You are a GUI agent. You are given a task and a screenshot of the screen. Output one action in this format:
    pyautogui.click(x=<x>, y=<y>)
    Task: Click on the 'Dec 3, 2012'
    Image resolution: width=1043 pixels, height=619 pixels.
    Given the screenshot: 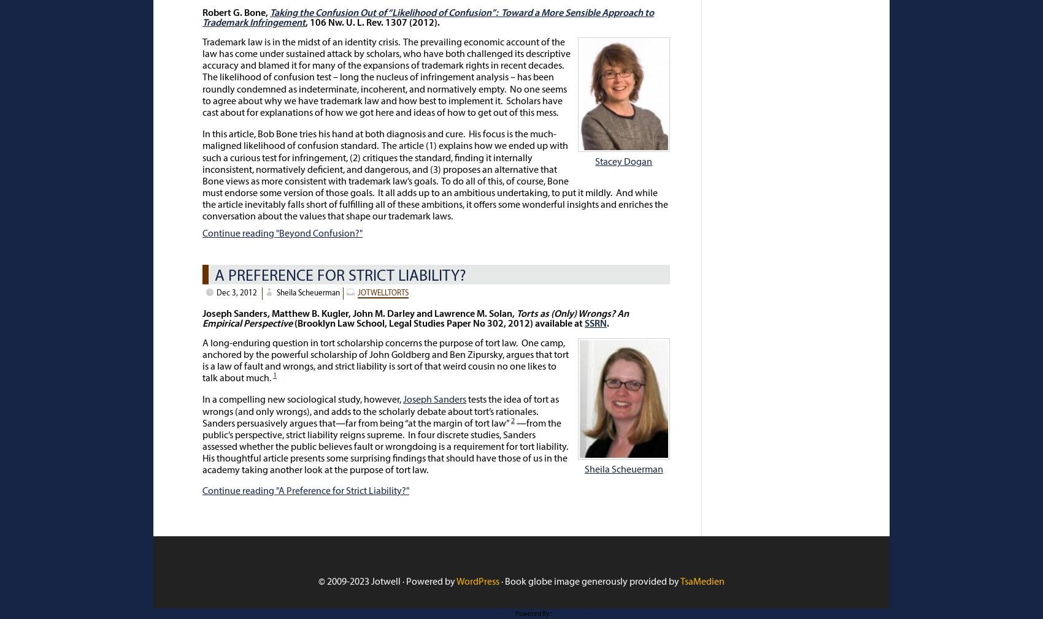 What is the action you would take?
    pyautogui.click(x=236, y=293)
    